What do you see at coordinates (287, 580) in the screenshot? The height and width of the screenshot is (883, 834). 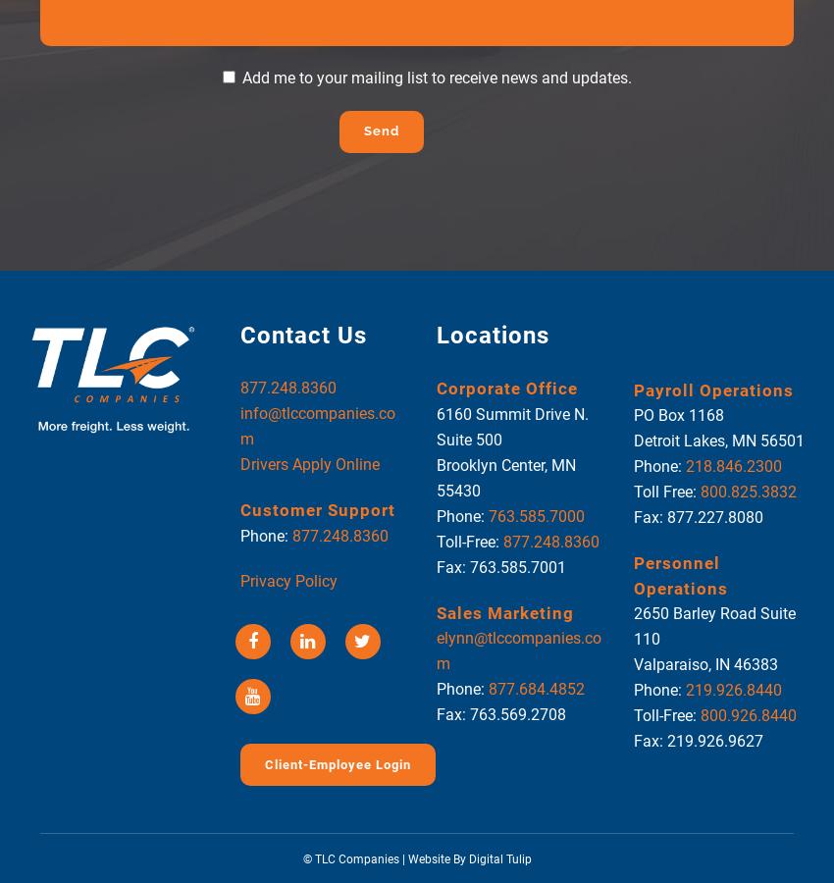 I see `'Privacy Policy'` at bounding box center [287, 580].